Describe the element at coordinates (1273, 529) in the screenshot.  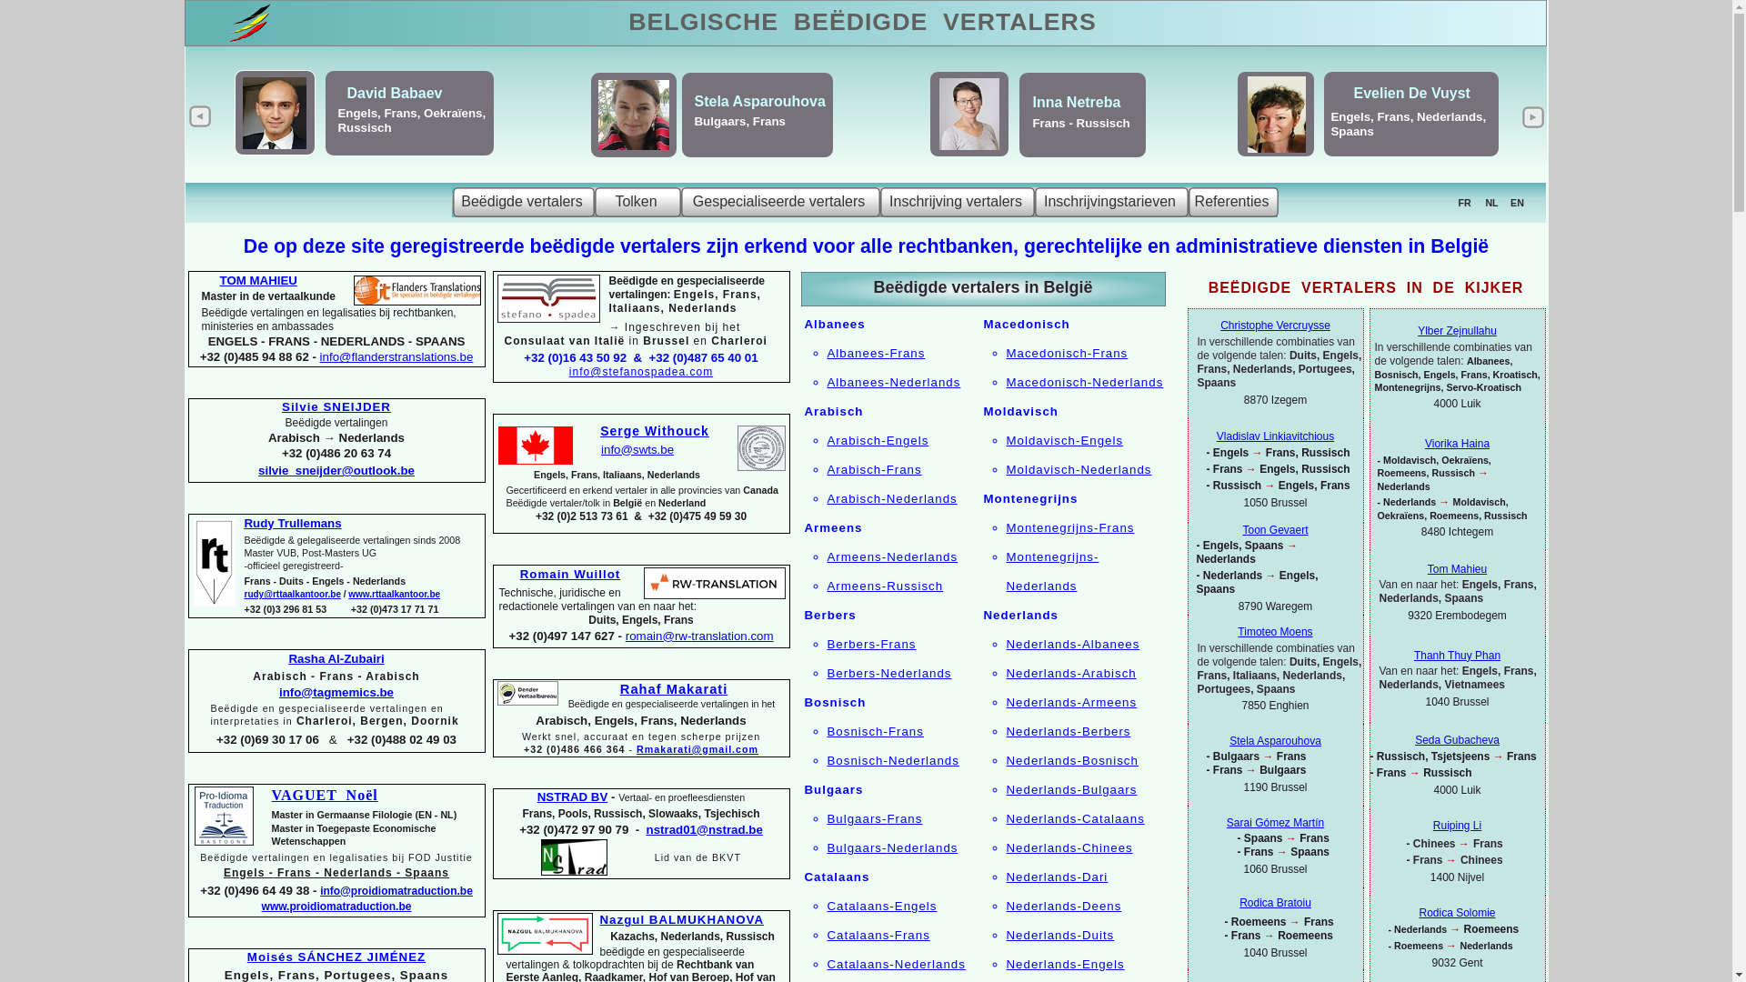
I see `'Toon Gevaert'` at that location.